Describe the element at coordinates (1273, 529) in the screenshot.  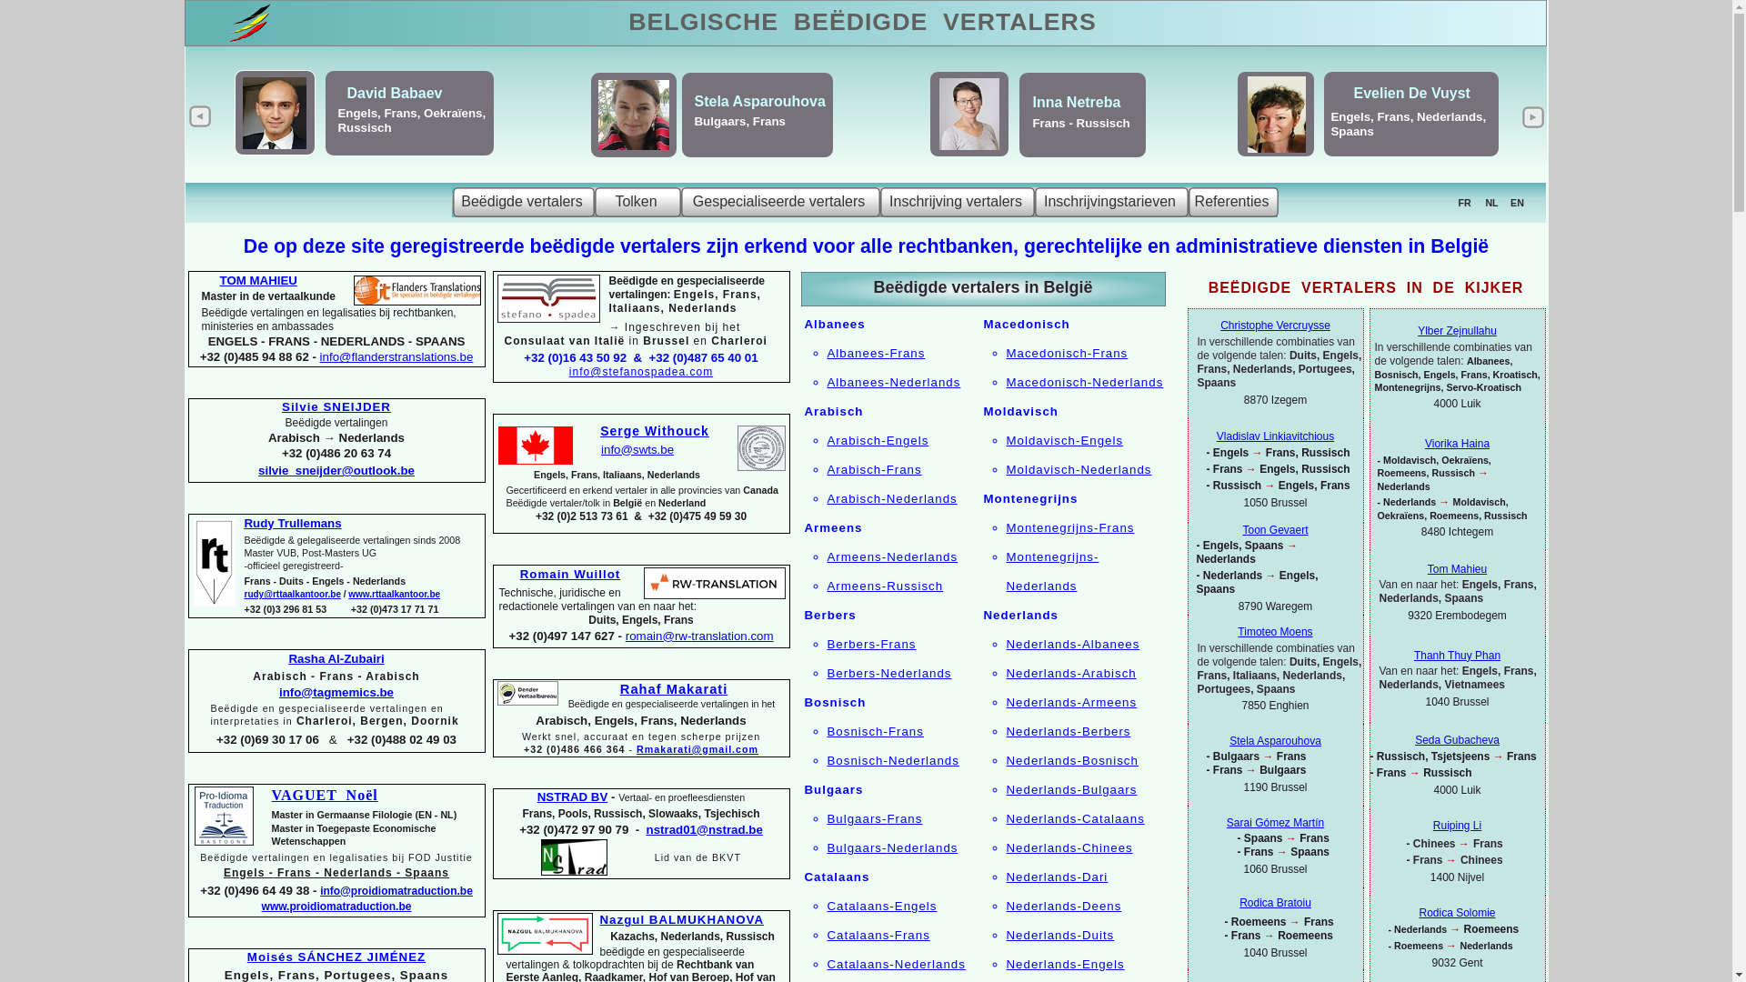
I see `'Toon Gevaert'` at that location.